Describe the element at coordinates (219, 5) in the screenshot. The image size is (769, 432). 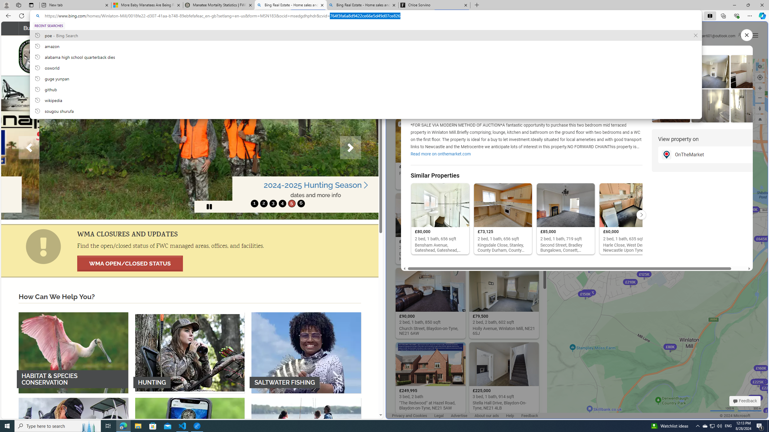
I see `'Manatee Mortality Statistics | FWC'` at that location.